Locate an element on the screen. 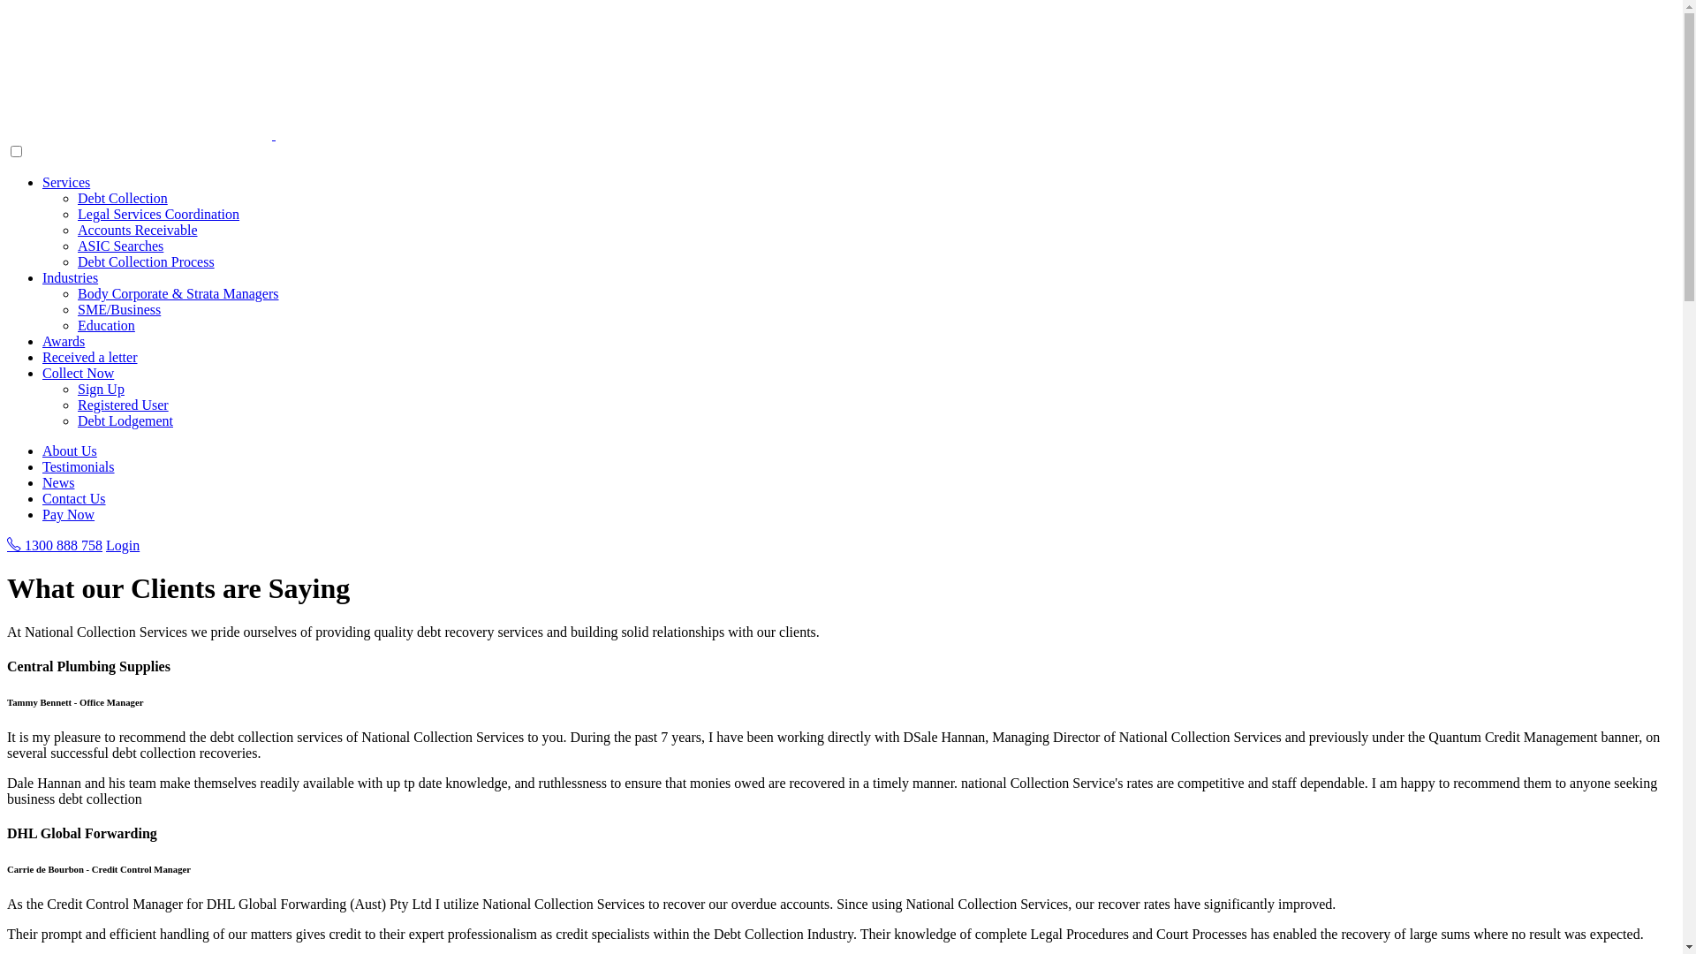 The image size is (1696, 954). 'Legal Services Coordination' is located at coordinates (158, 213).